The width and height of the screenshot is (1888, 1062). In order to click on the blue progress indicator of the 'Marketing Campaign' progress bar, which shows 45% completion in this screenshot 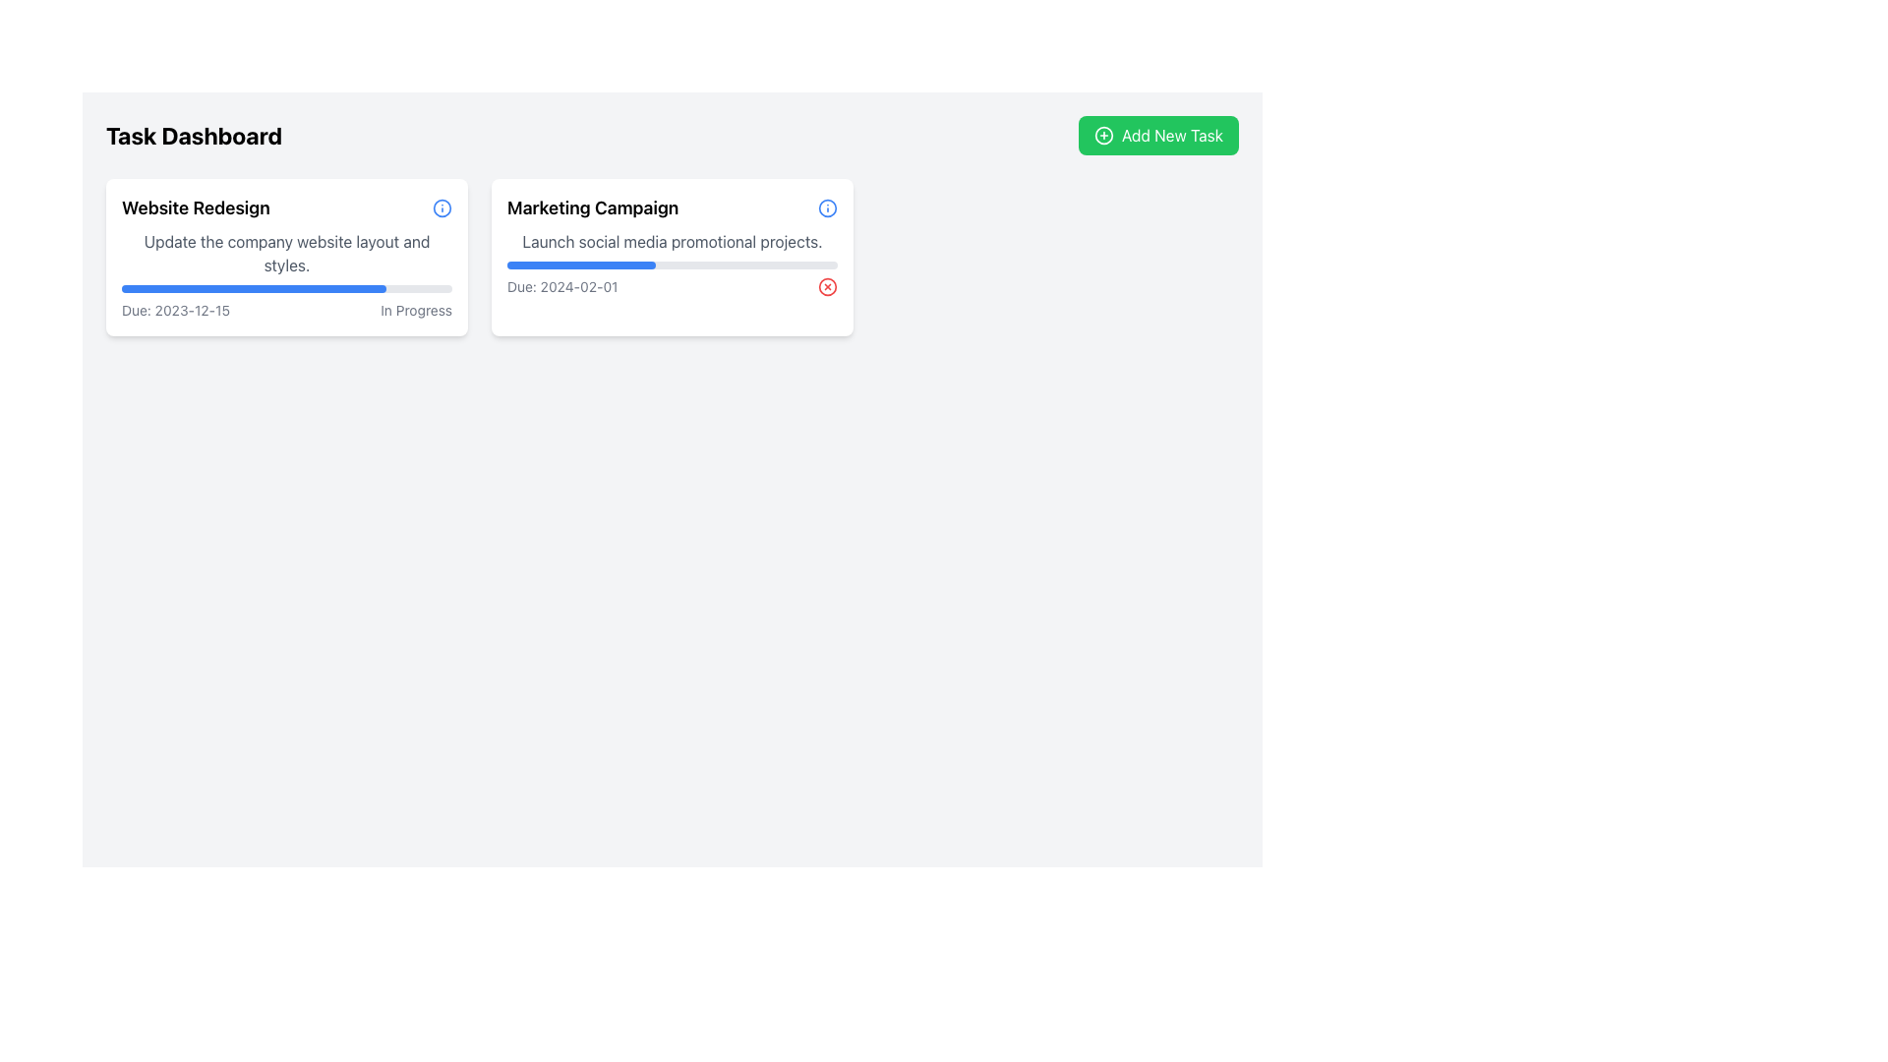, I will do `click(580, 265)`.